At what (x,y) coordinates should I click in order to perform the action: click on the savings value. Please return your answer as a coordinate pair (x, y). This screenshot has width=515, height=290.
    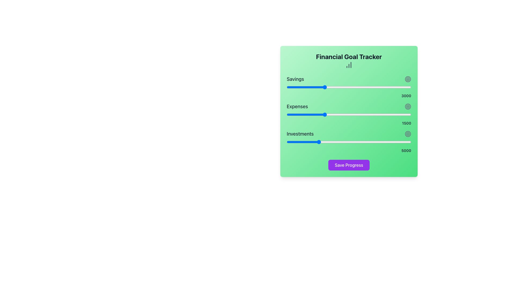
    Looking at the image, I should click on (345, 87).